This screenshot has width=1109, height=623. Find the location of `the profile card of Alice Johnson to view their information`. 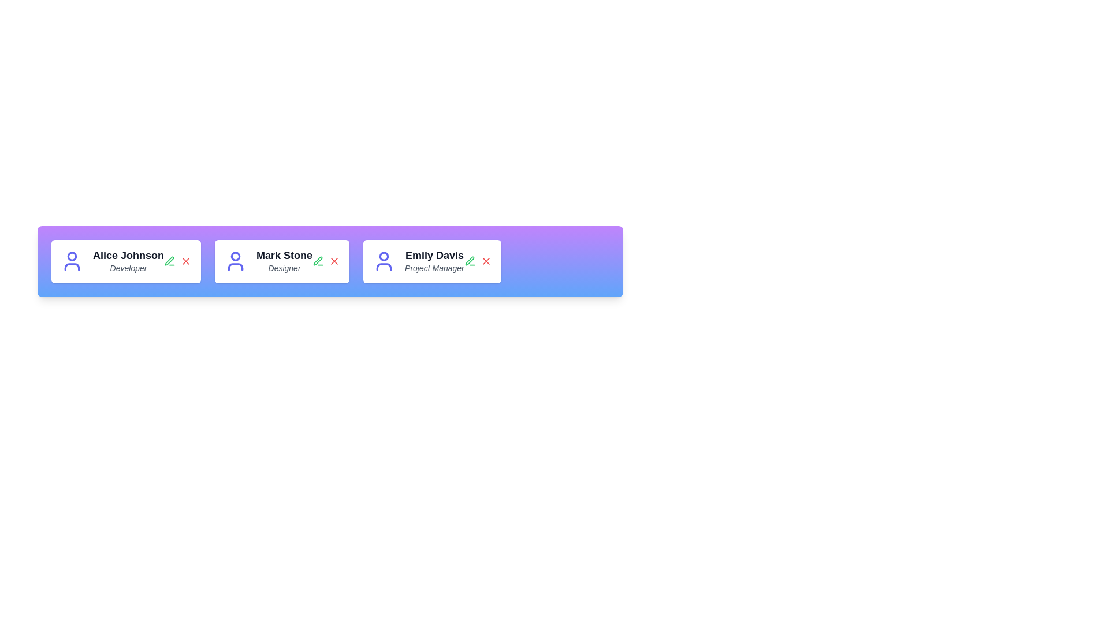

the profile card of Alice Johnson to view their information is located at coordinates (126, 261).